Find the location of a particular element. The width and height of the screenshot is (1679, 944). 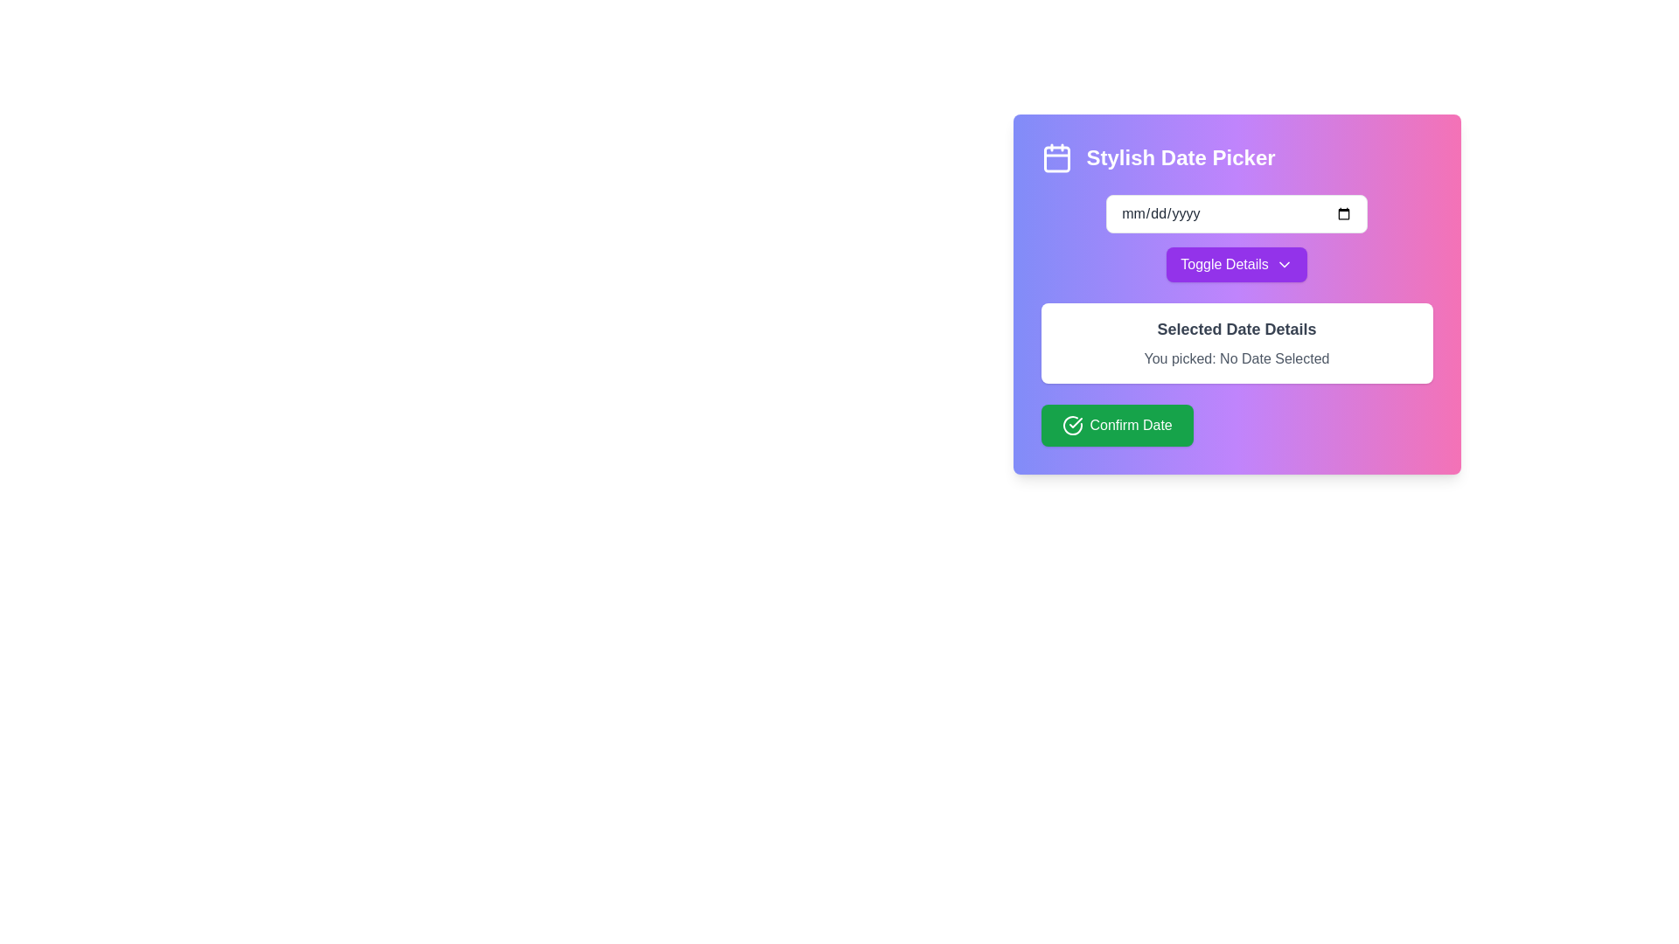

the text label reading 'Stylish Date Picker', which is prominently displayed in bold white font on a purple-pink gradient background, located near the upper left section of a card-like interface is located at coordinates (1181, 158).